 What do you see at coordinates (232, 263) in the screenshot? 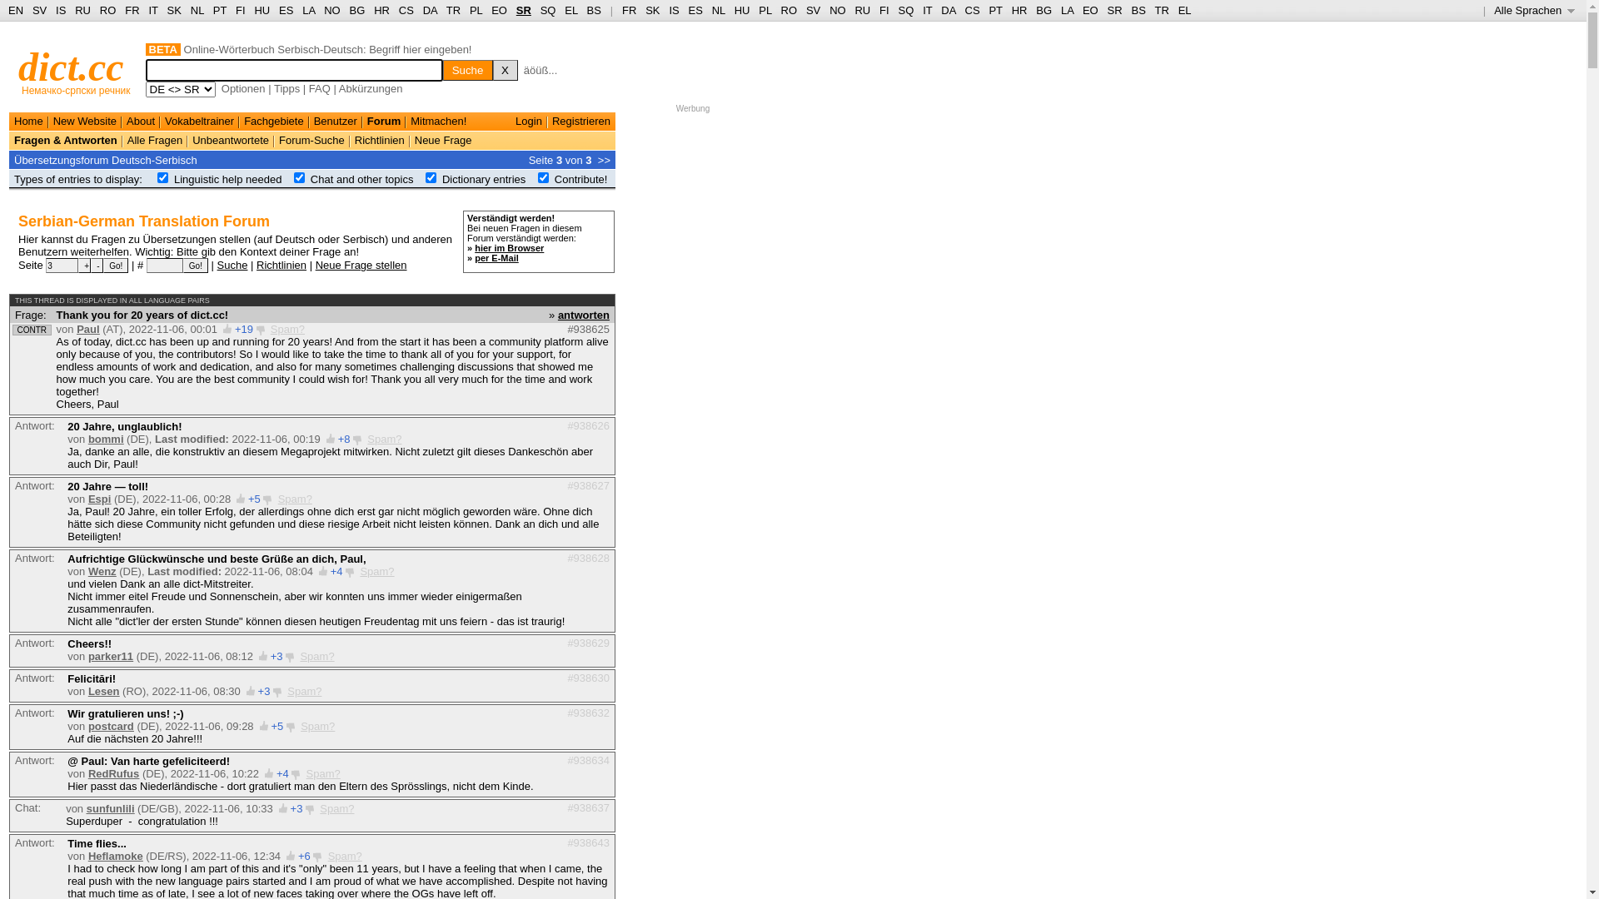
I see `'Suche'` at bounding box center [232, 263].